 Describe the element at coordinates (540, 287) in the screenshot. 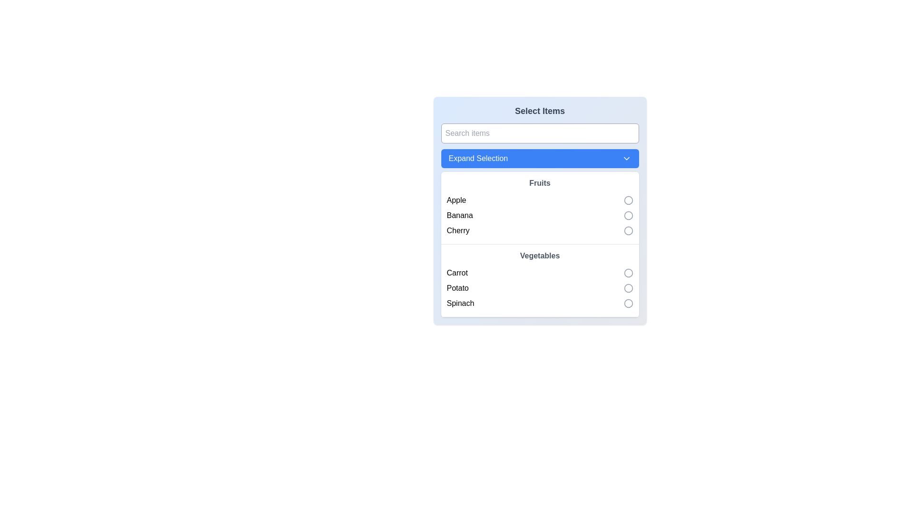

I see `the second row labeled 'Potato' in the 'Vegetables' section` at that location.